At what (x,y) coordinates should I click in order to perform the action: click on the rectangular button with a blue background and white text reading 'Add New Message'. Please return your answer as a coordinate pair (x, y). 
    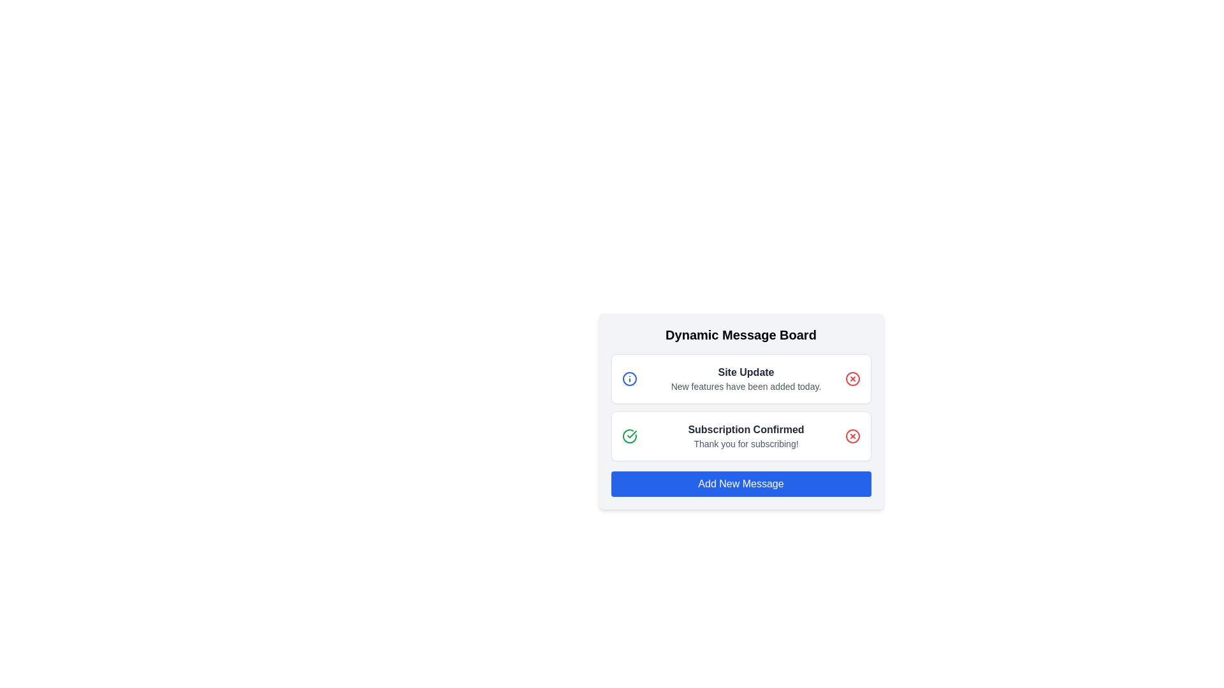
    Looking at the image, I should click on (741, 484).